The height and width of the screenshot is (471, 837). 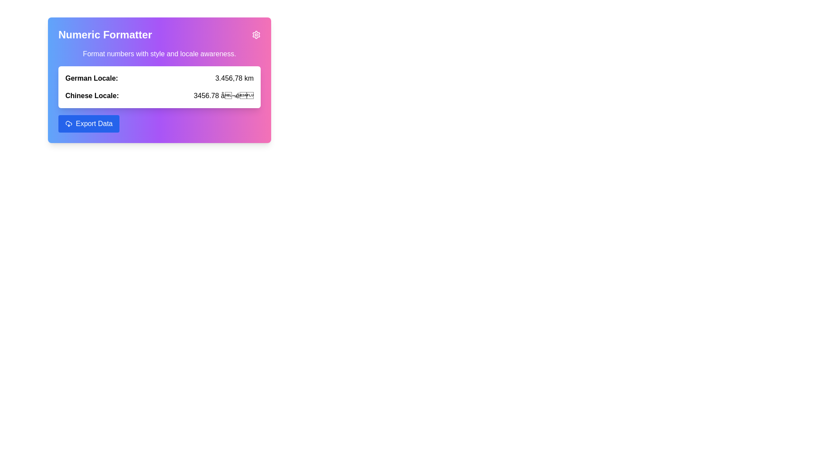 I want to click on the descriptive text element that summarizes the functionality of 'Numeric Formatter', which is located below the heading 'Numeric Formatter' and above the locale sections, so click(x=159, y=54).